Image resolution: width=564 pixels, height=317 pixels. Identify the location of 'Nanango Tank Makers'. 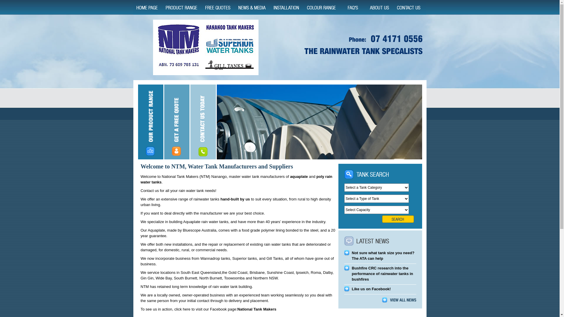
(205, 47).